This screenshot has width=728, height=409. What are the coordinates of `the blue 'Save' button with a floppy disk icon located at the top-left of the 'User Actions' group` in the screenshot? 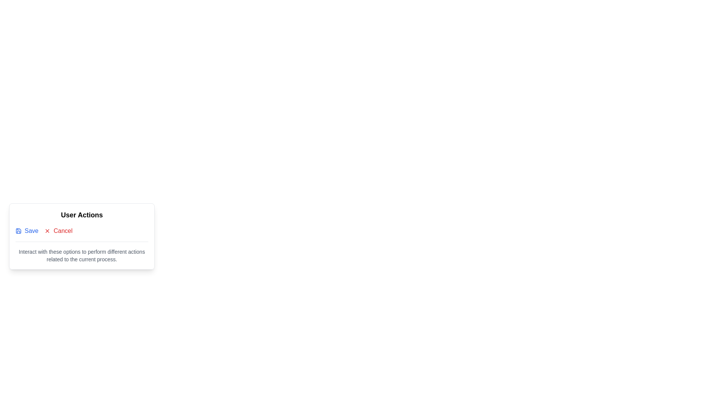 It's located at (27, 230).